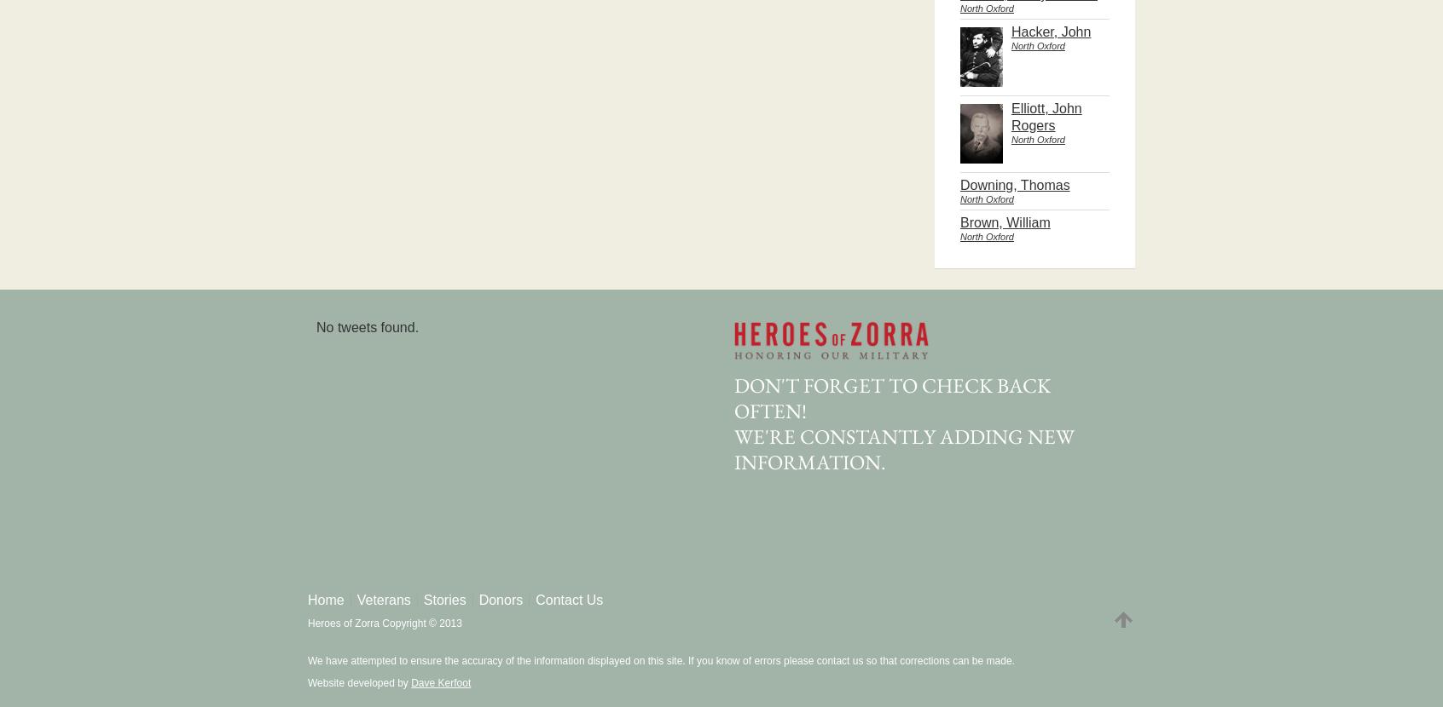 This screenshot has width=1443, height=707. Describe the element at coordinates (1010, 116) in the screenshot. I see `'Elliott, John Rogers'` at that location.